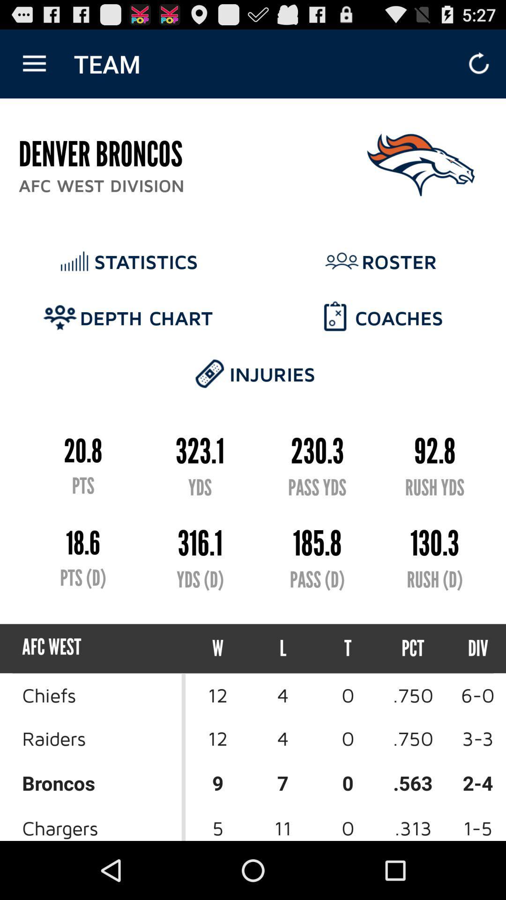 The width and height of the screenshot is (506, 900). What do you see at coordinates (348, 648) in the screenshot?
I see `item to the right of the l item` at bounding box center [348, 648].